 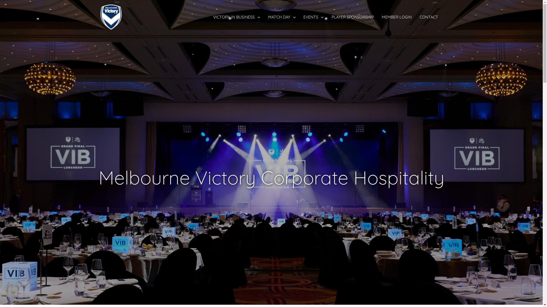 I want to click on 'MATCH DAY', so click(x=264, y=17).